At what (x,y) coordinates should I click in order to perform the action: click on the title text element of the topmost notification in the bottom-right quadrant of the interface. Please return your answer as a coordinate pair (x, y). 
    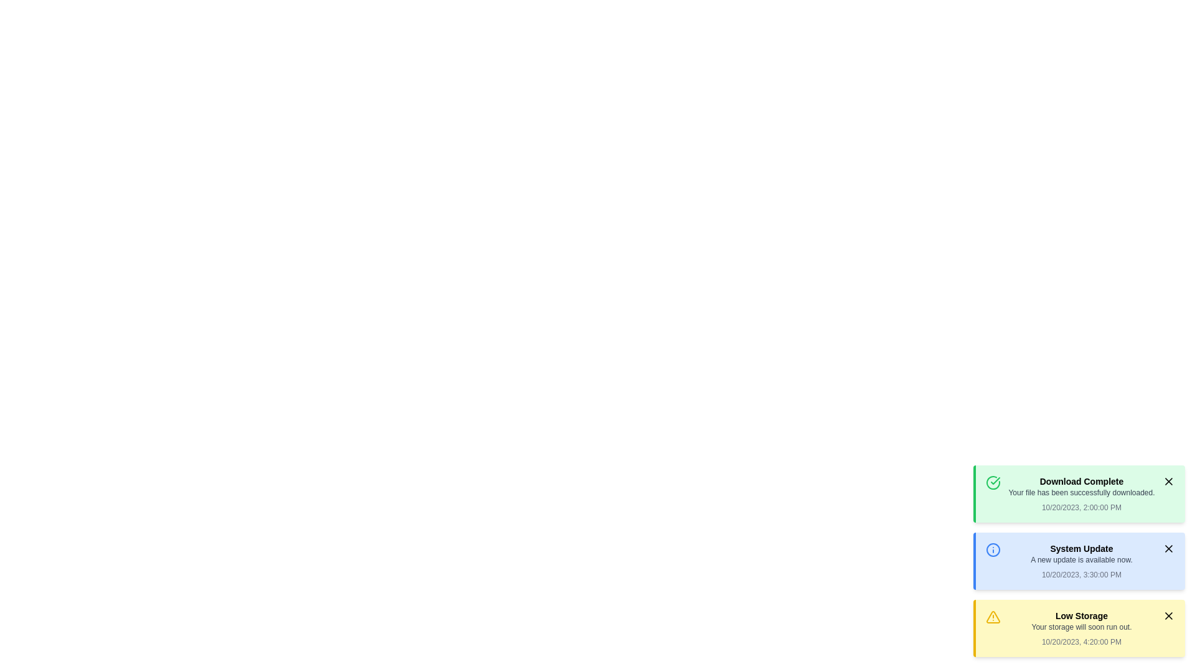
    Looking at the image, I should click on (1080, 481).